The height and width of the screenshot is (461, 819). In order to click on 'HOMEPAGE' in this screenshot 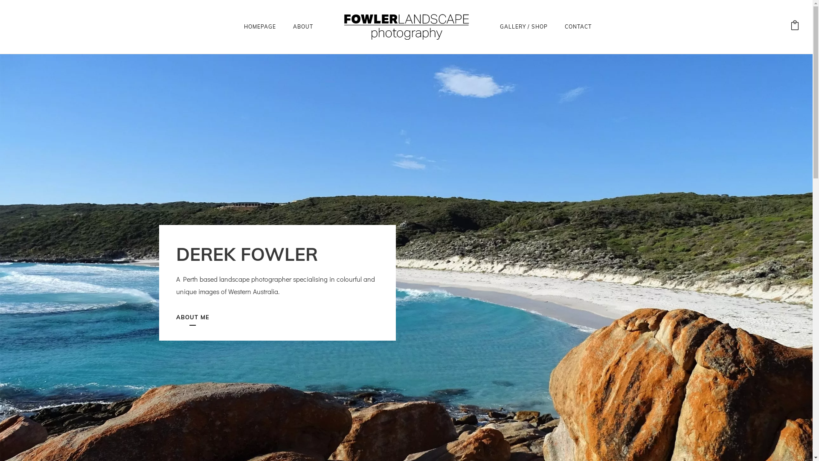, I will do `click(259, 26)`.